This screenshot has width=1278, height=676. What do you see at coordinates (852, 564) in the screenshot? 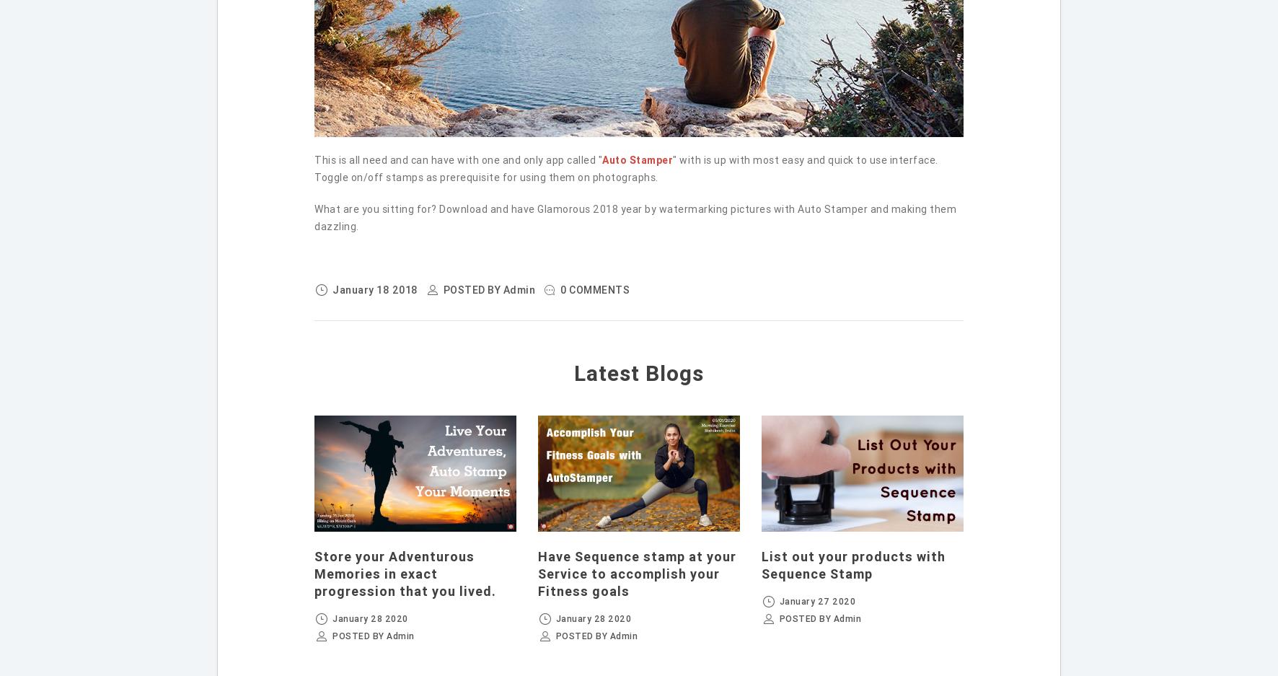
I see `'List out your products with Sequence Stamp'` at bounding box center [852, 564].